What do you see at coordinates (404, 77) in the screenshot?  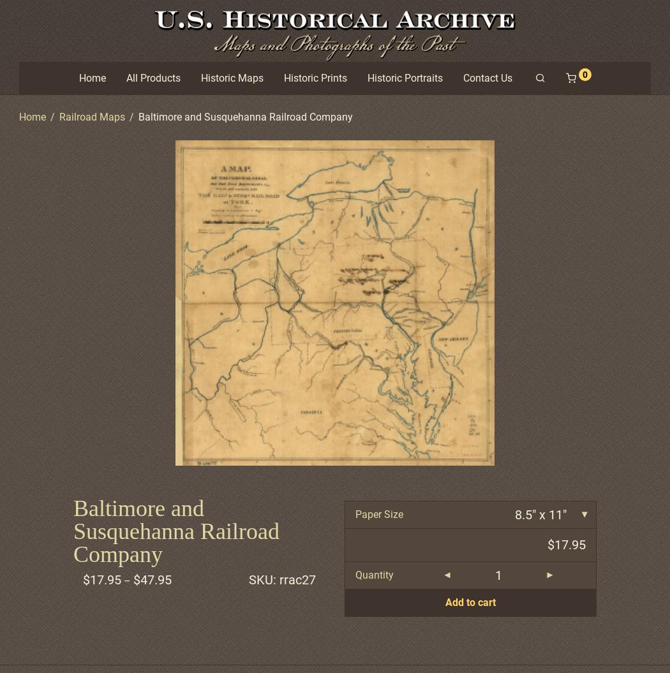 I see `'Historic Portraits'` at bounding box center [404, 77].